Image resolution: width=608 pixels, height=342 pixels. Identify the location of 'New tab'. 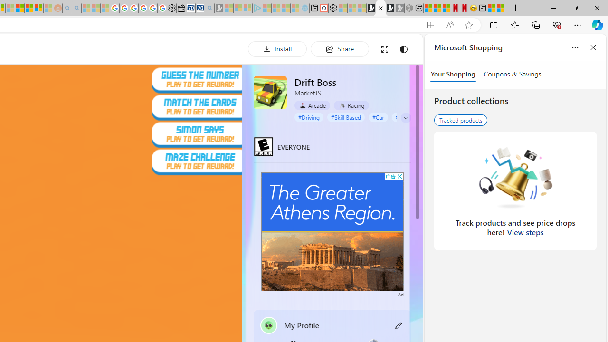
(483, 8).